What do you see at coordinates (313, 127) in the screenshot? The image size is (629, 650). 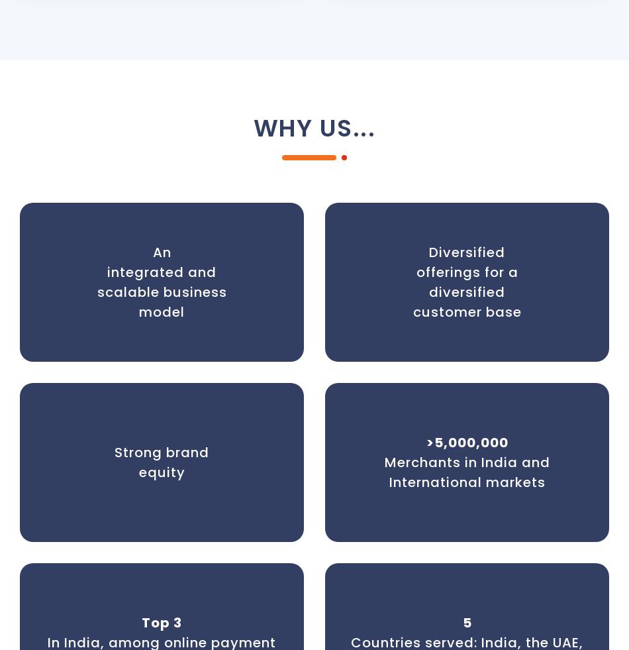 I see `'Why Us...'` at bounding box center [313, 127].